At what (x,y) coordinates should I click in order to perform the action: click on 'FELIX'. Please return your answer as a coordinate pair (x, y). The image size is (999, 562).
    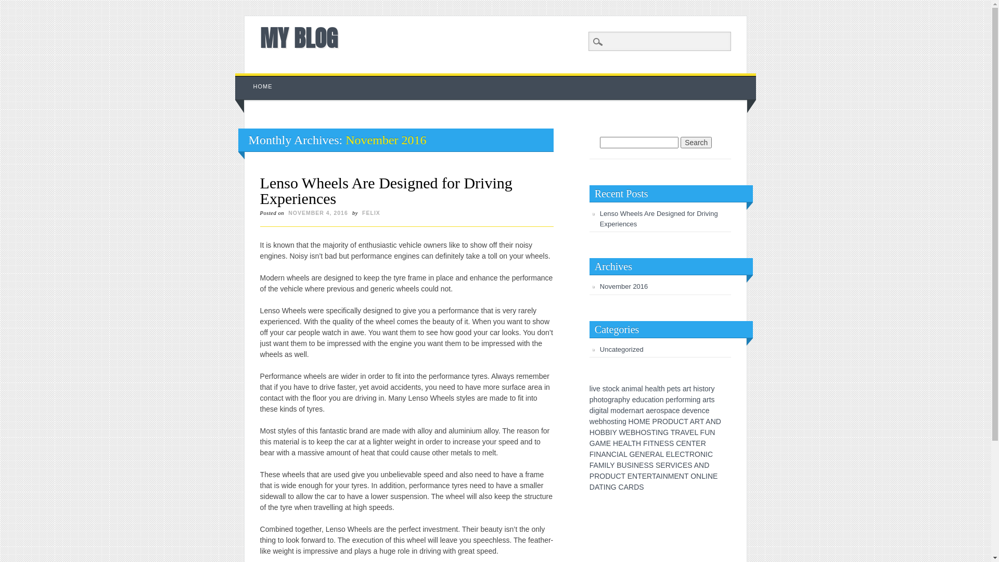
    Looking at the image, I should click on (371, 212).